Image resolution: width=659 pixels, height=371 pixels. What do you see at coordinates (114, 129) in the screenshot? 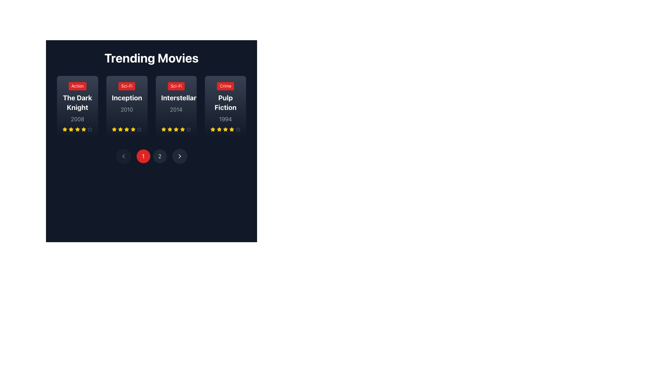
I see `the yellow star icon representing the rating for the movie 'Inception', which is the first star in the rating system located in the second card from the left in the 'Trending Movies' section` at bounding box center [114, 129].